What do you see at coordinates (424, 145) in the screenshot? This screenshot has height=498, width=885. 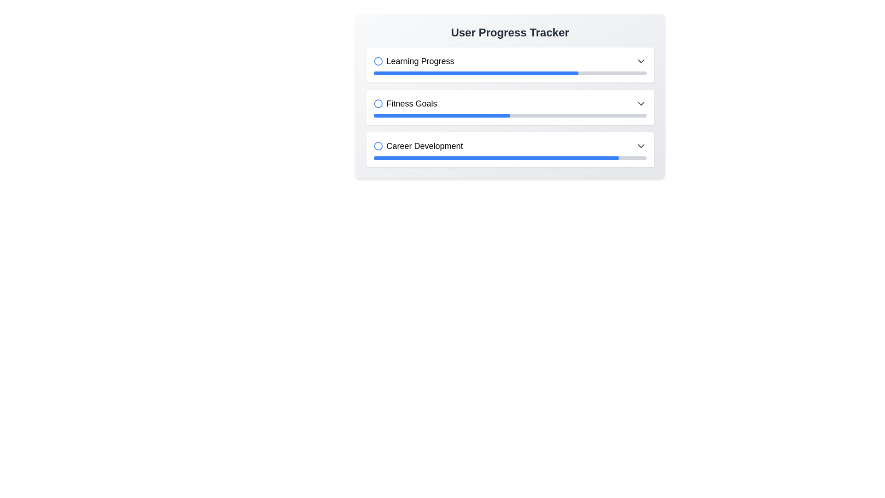 I see `the static text label indicating progress related to 'Career Development', which is the third item in a vertical list within a user progress tracker section` at bounding box center [424, 145].